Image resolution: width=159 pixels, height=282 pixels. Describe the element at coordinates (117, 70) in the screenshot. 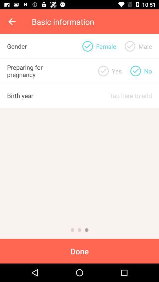

I see `the yes icon` at that location.